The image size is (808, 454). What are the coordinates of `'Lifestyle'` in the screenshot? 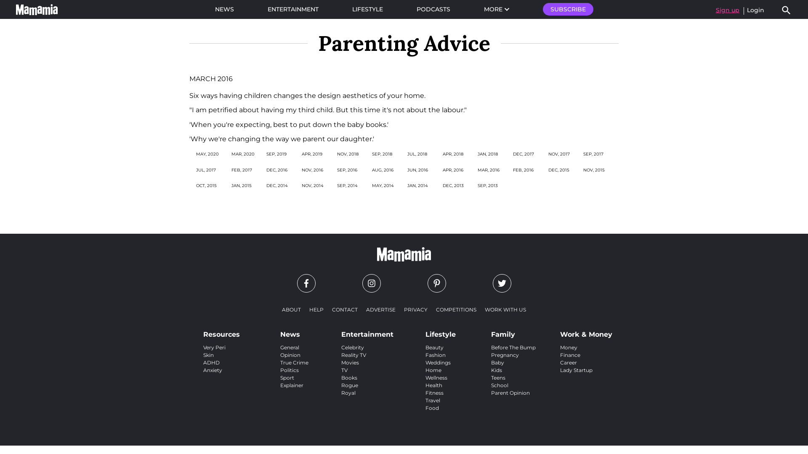 It's located at (440, 332).